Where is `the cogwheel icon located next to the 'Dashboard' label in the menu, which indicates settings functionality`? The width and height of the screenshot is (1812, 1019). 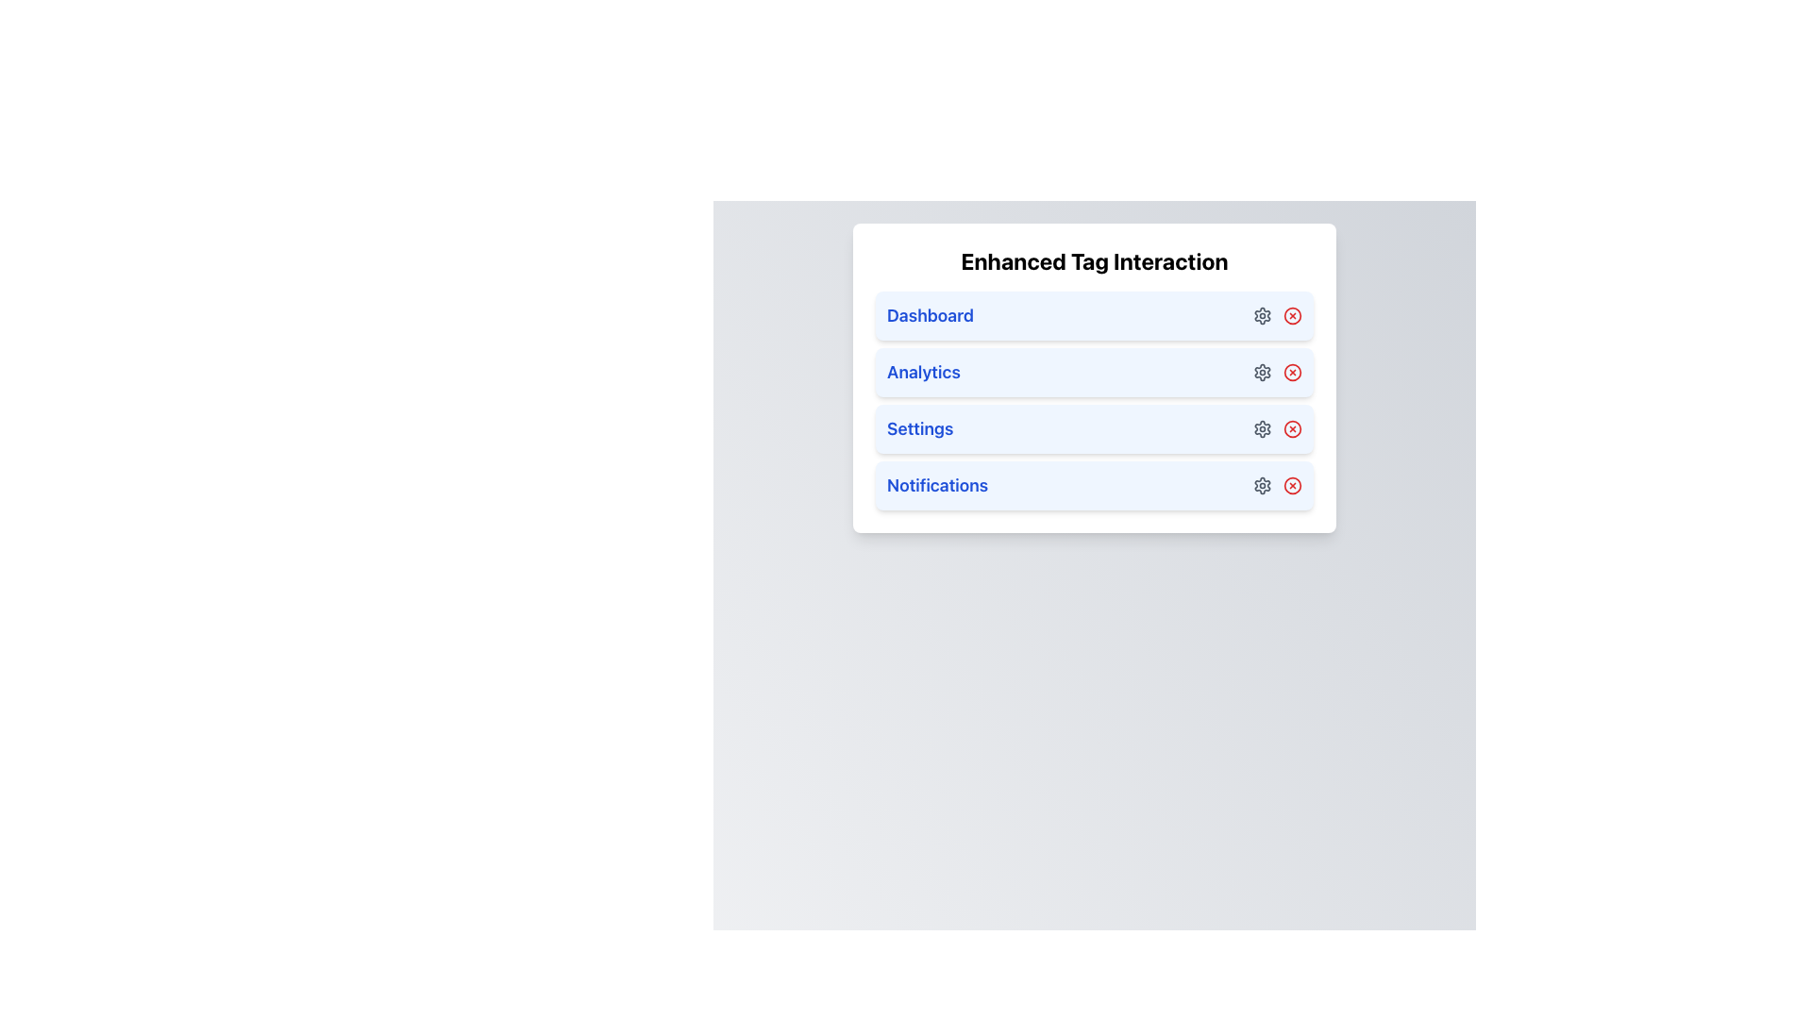
the cogwheel icon located next to the 'Dashboard' label in the menu, which indicates settings functionality is located at coordinates (1263, 315).